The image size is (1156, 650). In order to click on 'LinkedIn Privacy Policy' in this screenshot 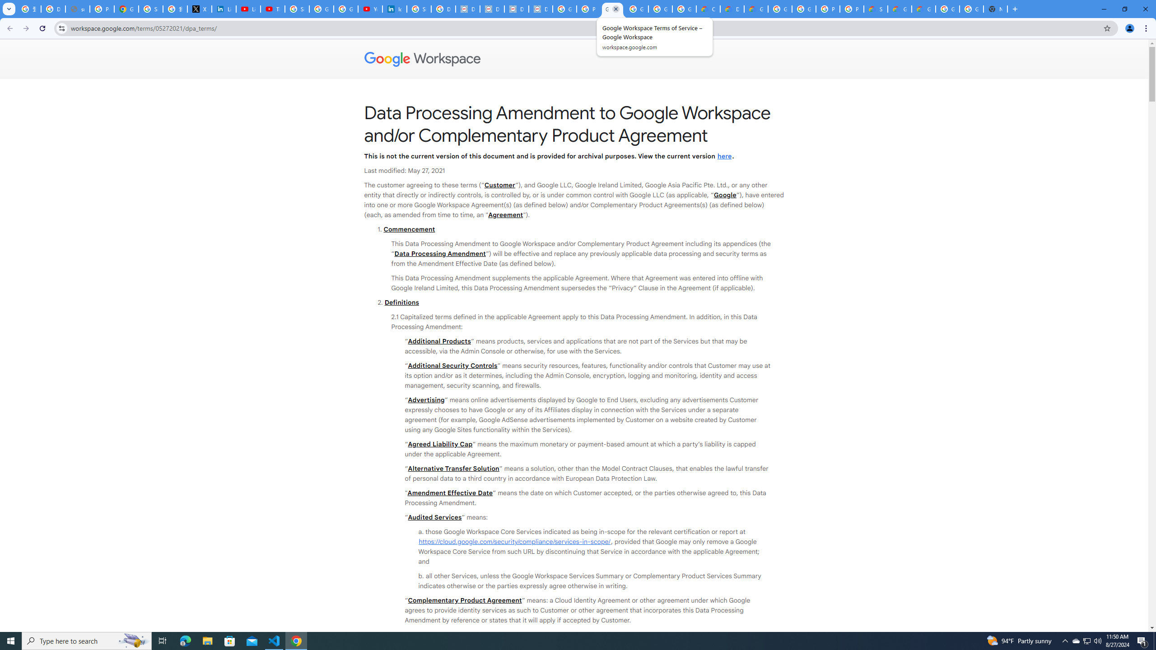, I will do `click(224, 9)`.